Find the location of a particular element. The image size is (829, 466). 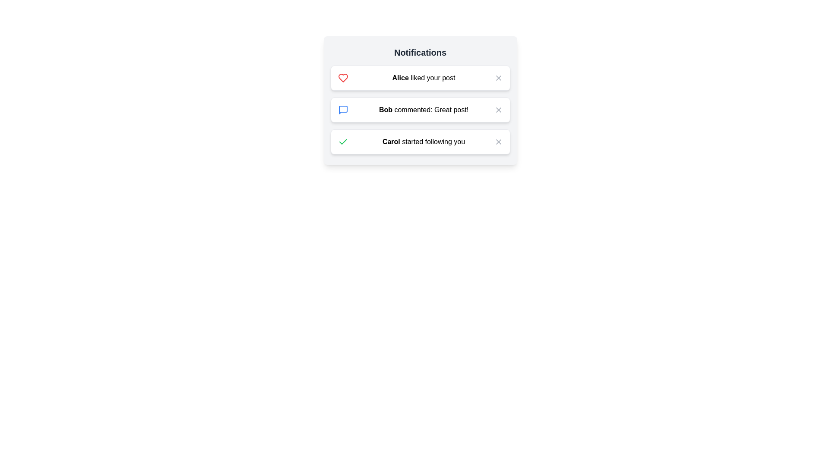

the notification card featuring a blue comment icon and the text 'Bob commented: Great post!' is located at coordinates (420, 100).